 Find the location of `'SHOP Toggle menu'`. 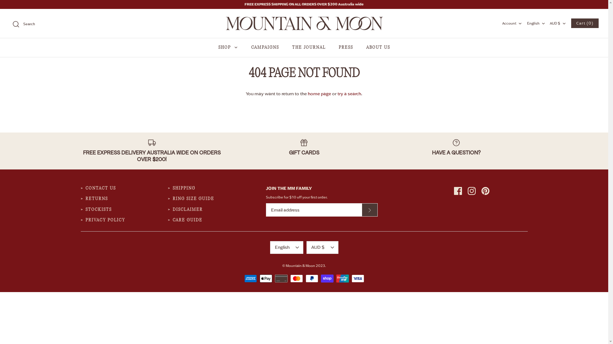

'SHOP Toggle menu' is located at coordinates (228, 47).